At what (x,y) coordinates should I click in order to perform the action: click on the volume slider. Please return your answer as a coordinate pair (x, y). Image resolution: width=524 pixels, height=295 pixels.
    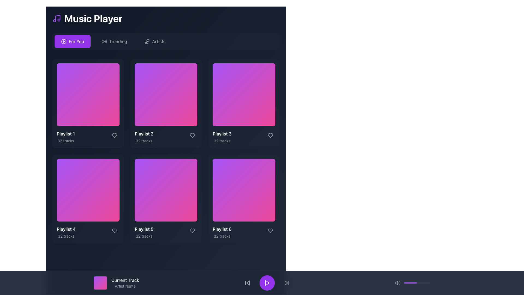
    Looking at the image, I should click on (407, 283).